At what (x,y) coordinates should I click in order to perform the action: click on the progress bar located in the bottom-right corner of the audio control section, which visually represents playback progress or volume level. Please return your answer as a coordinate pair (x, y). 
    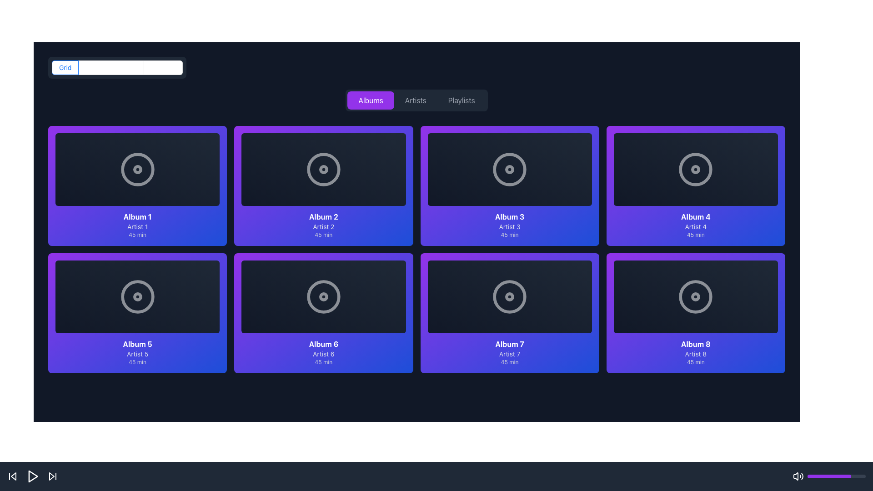
    Looking at the image, I should click on (829, 476).